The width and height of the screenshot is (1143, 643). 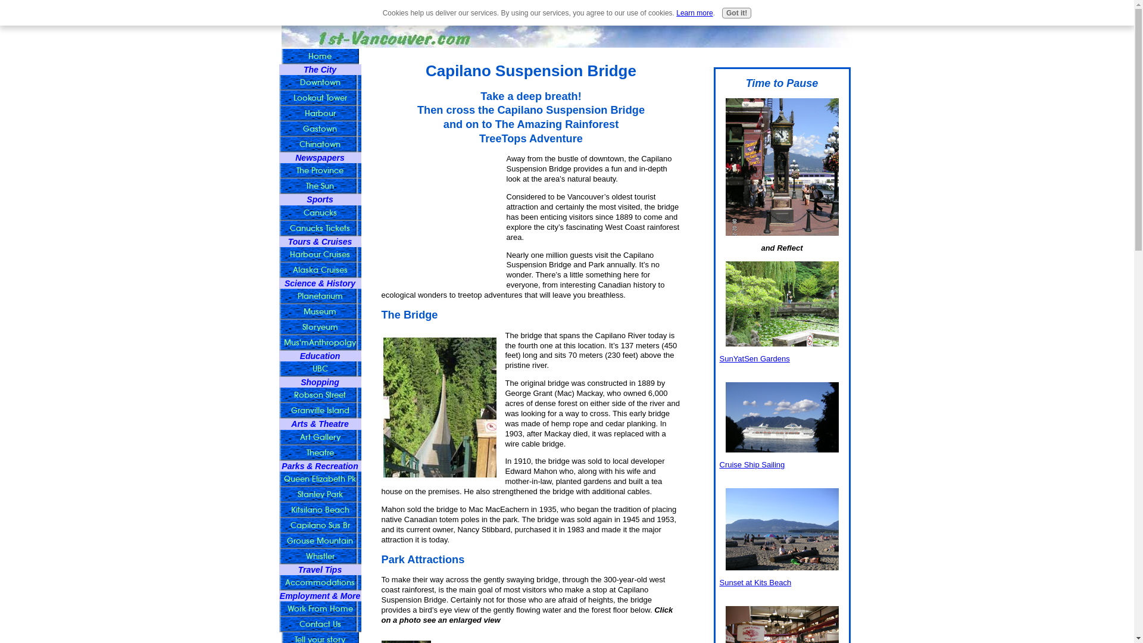 I want to click on 'Got it!', so click(x=736, y=13).